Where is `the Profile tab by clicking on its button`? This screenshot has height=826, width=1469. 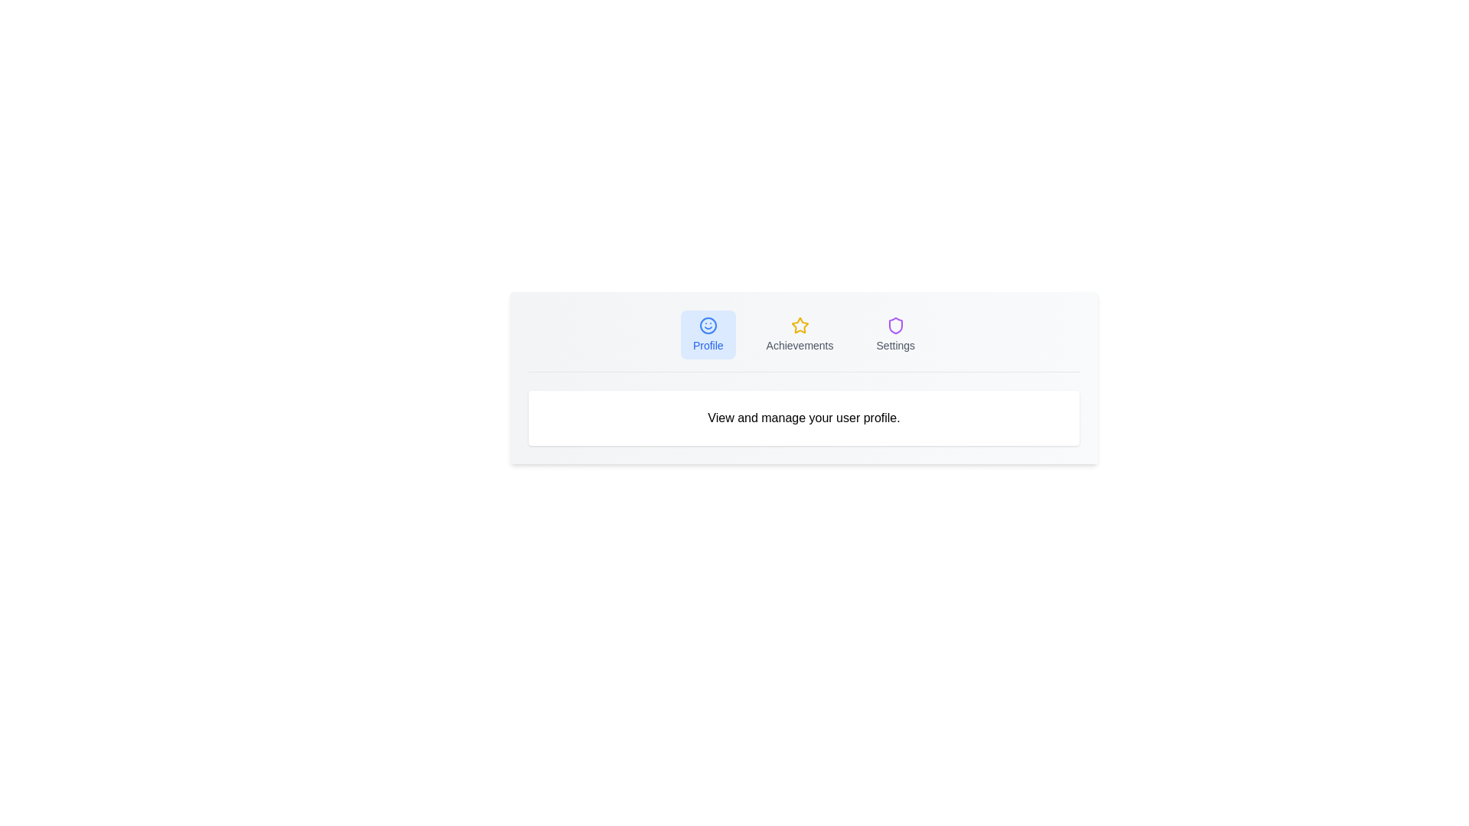 the Profile tab by clicking on its button is located at coordinates (707, 334).